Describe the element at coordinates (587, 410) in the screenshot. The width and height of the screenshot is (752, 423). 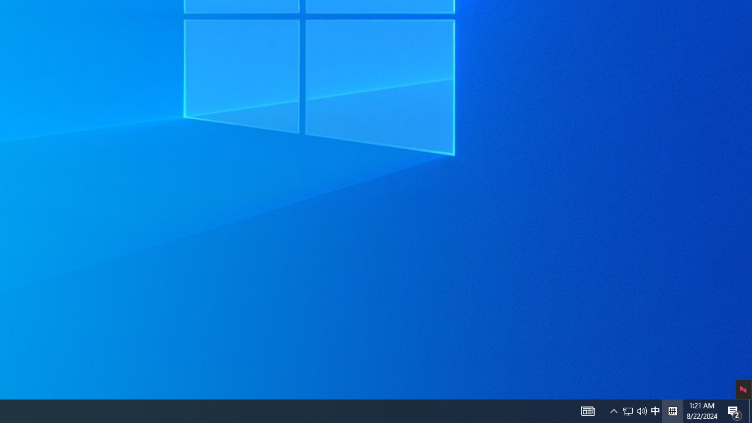
I see `'AutomationID: 4105'` at that location.